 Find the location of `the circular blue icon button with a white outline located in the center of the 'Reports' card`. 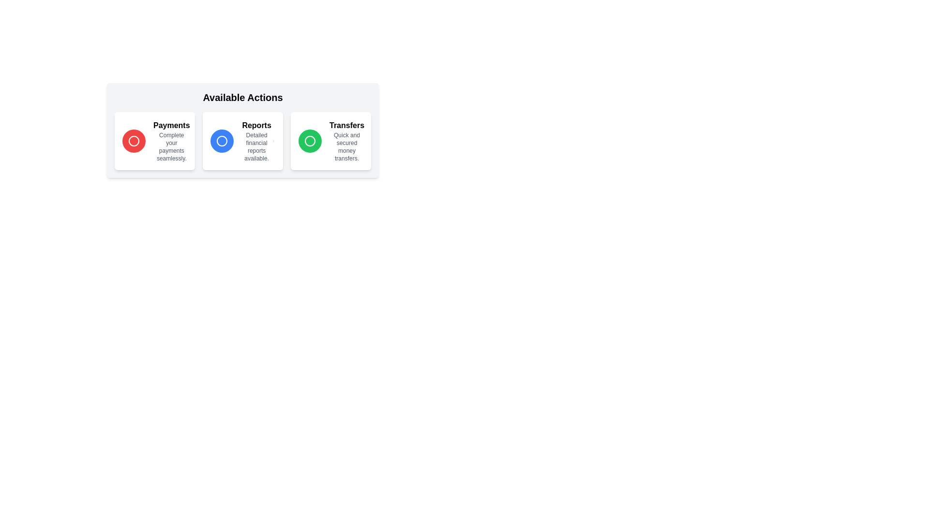

the circular blue icon button with a white outline located in the center of the 'Reports' card is located at coordinates (222, 141).